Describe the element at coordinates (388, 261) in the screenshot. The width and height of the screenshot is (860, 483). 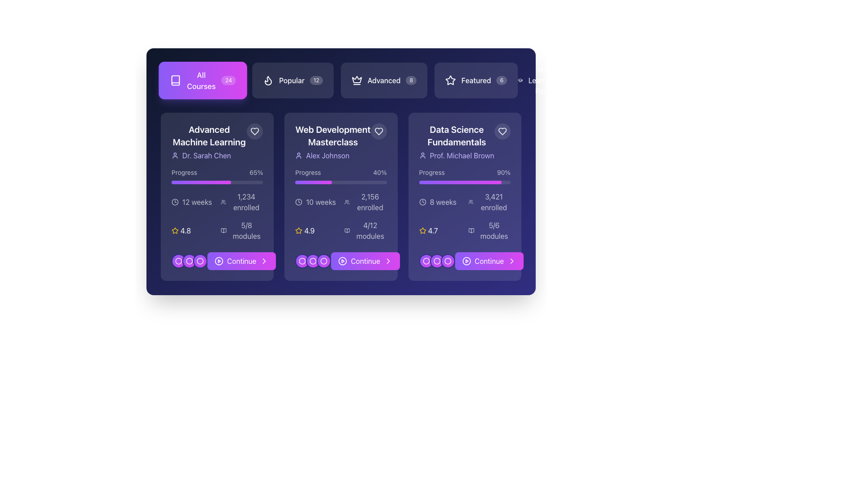
I see `the right-pointing chevron icon located at the bottom-right corner of the 'Data Science Fundamentals' course card` at that location.